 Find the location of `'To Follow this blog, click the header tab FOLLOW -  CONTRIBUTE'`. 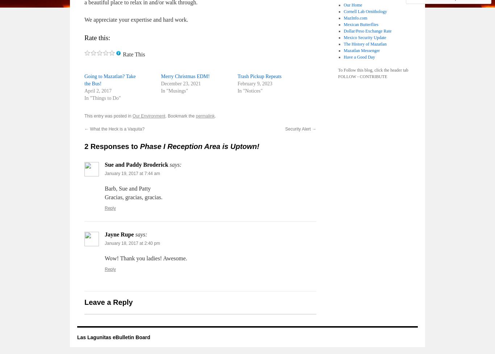

'To Follow this blog, click the header tab FOLLOW -  CONTRIBUTE' is located at coordinates (338, 73).